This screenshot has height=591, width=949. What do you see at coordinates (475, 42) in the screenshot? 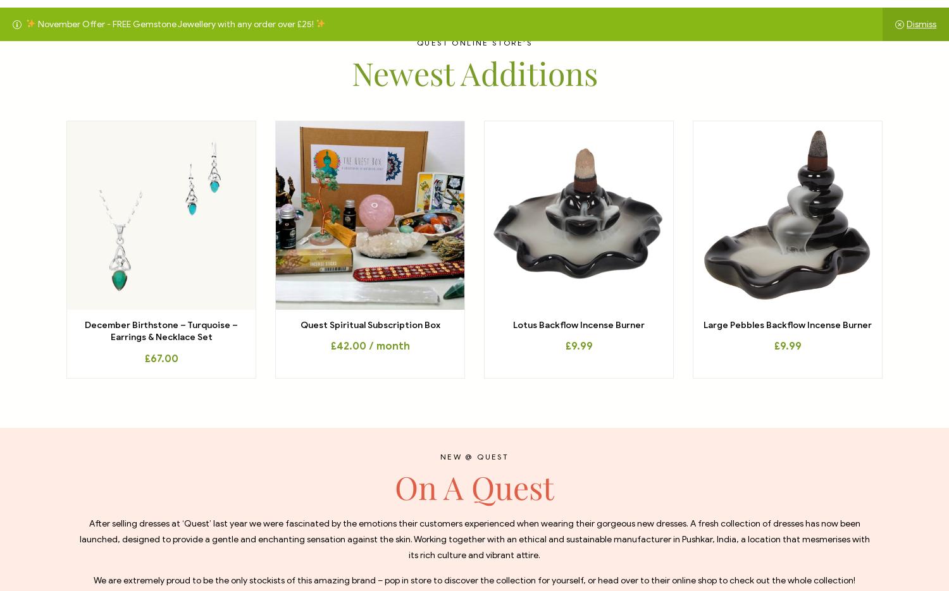
I see `'QUEST ONLINE STORE’S'` at bounding box center [475, 42].